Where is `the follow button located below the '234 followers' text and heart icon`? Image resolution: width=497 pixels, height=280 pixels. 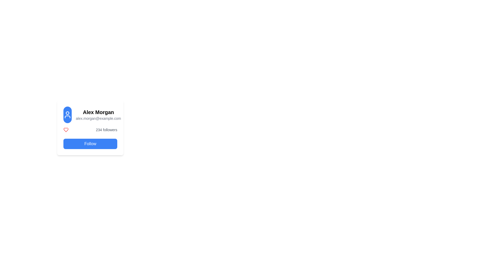
the follow button located below the '234 followers' text and heart icon is located at coordinates (90, 144).